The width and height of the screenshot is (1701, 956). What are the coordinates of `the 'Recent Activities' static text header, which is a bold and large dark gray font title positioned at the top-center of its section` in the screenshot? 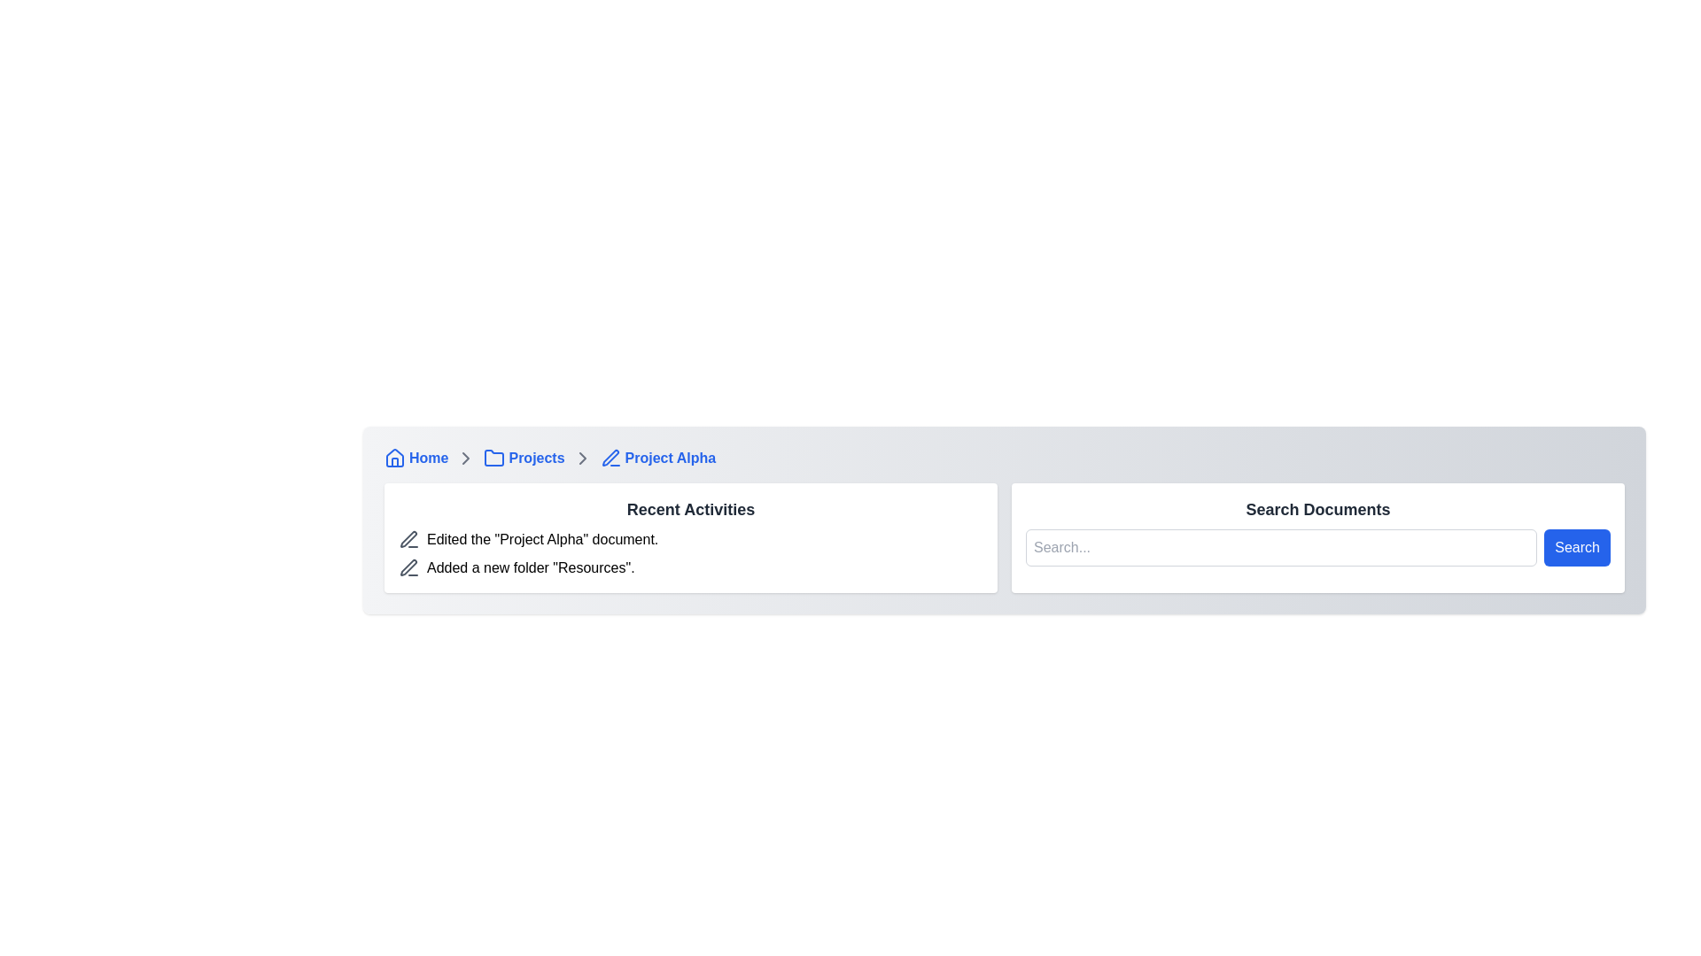 It's located at (689, 509).